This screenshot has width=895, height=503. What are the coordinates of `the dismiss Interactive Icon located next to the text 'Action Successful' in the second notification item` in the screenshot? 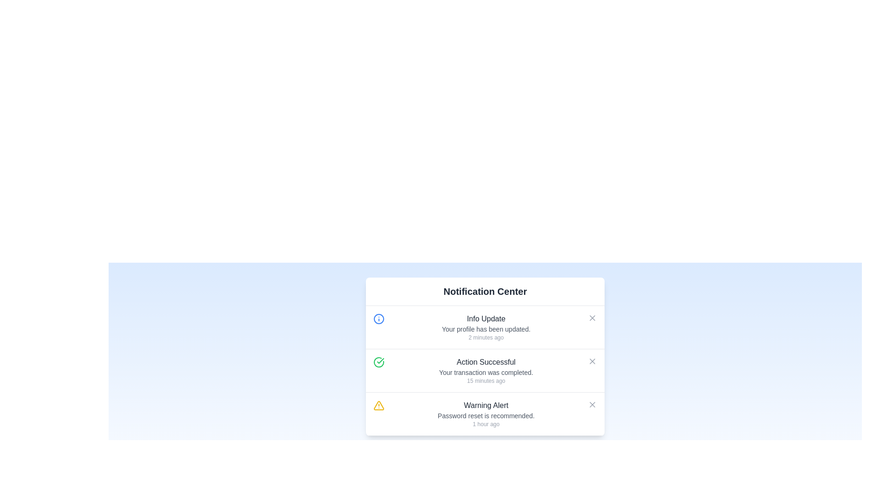 It's located at (592, 360).